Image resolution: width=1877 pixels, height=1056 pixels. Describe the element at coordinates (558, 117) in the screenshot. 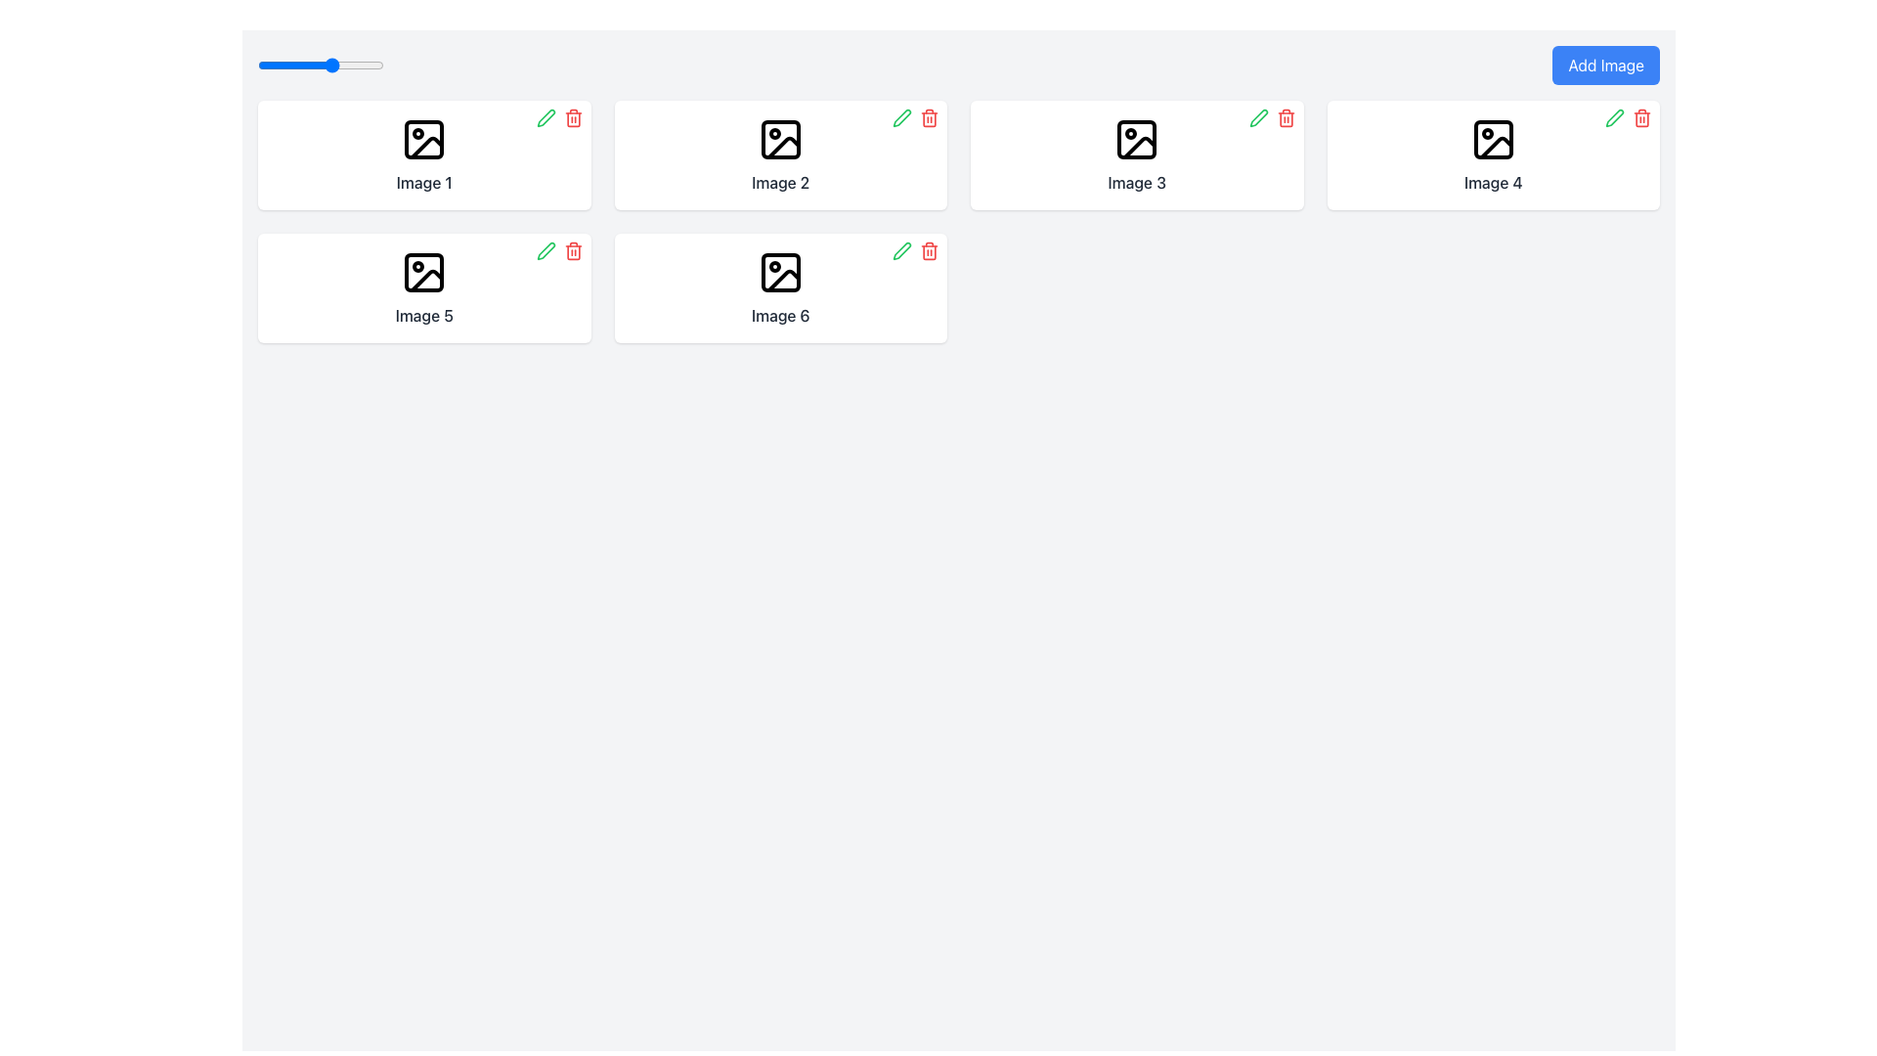

I see `the red trash bin icon in the top-right corner of the 'Image 1' card` at that location.